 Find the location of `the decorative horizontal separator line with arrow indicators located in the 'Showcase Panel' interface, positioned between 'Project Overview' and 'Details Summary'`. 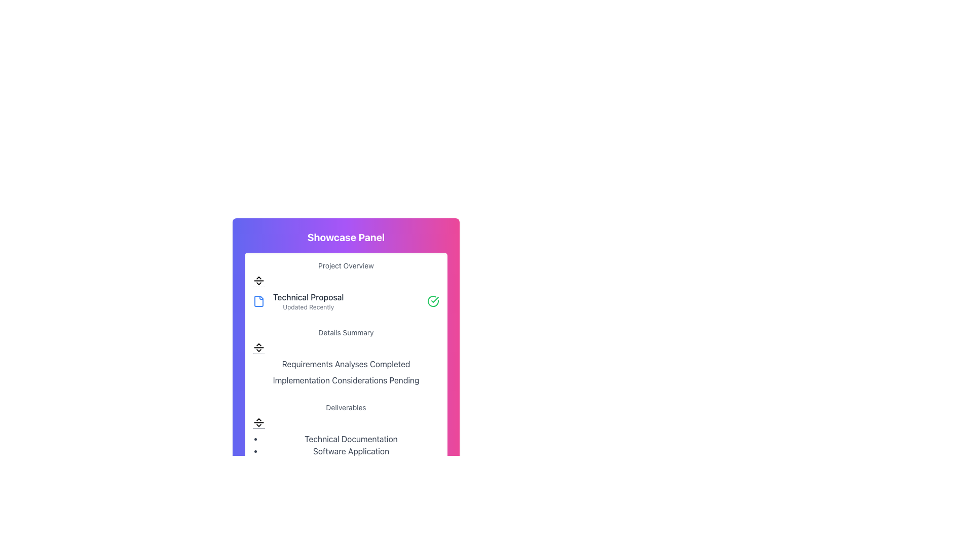

the decorative horizontal separator line with arrow indicators located in the 'Showcase Panel' interface, positioned between 'Project Overview' and 'Details Summary' is located at coordinates (258, 281).